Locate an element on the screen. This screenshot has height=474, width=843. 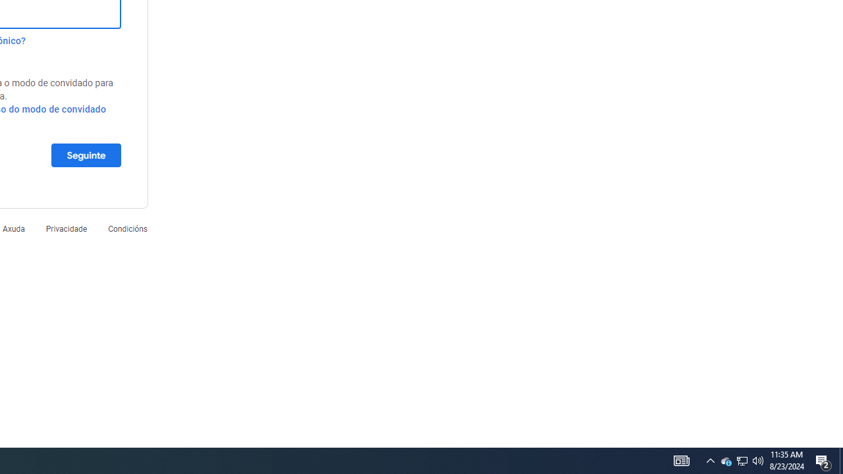
'Privacidade' is located at coordinates (65, 228).